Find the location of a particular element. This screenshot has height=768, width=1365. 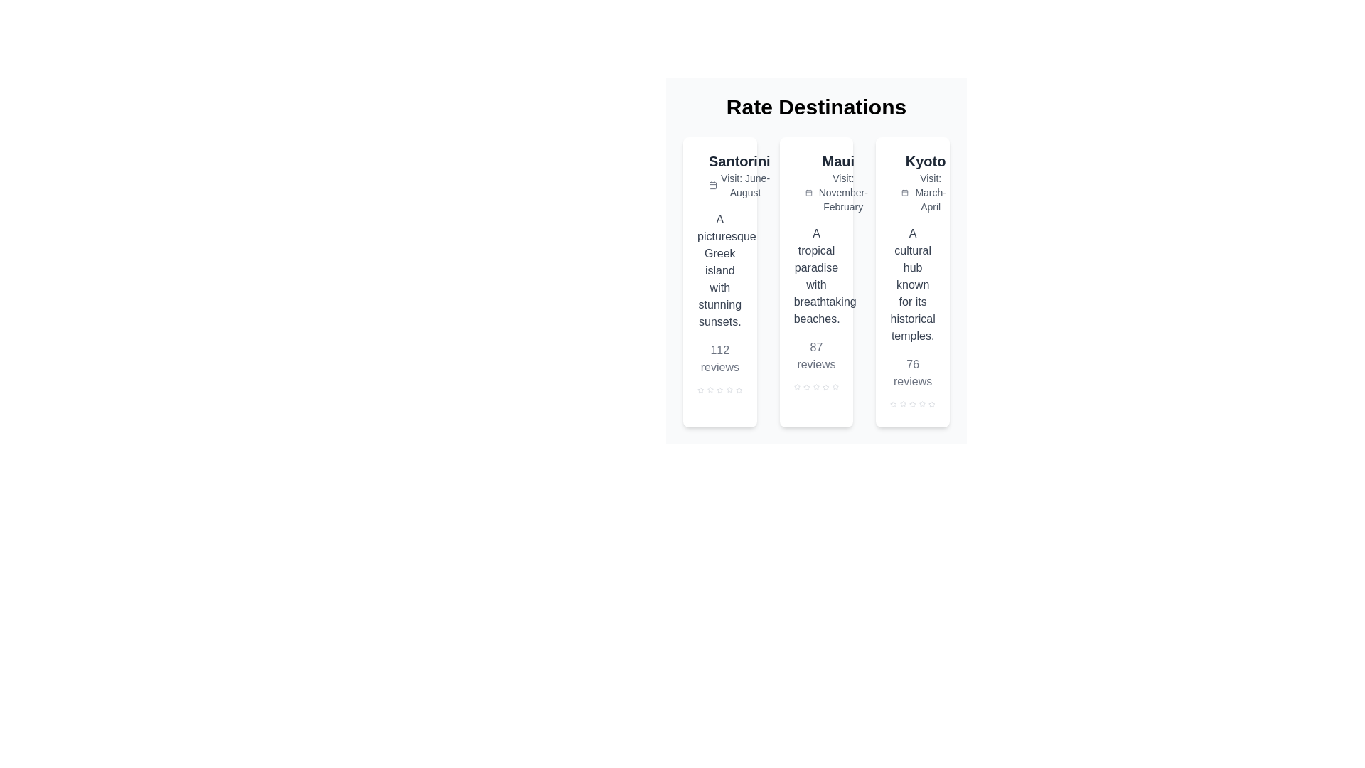

rounded rectangle graphic element within the SVG icon representing a calendar, located to the left of the 'Visit: June-August' text for 'Santorini' in the 'Rate Destinations' panel using developer tools is located at coordinates (713, 185).